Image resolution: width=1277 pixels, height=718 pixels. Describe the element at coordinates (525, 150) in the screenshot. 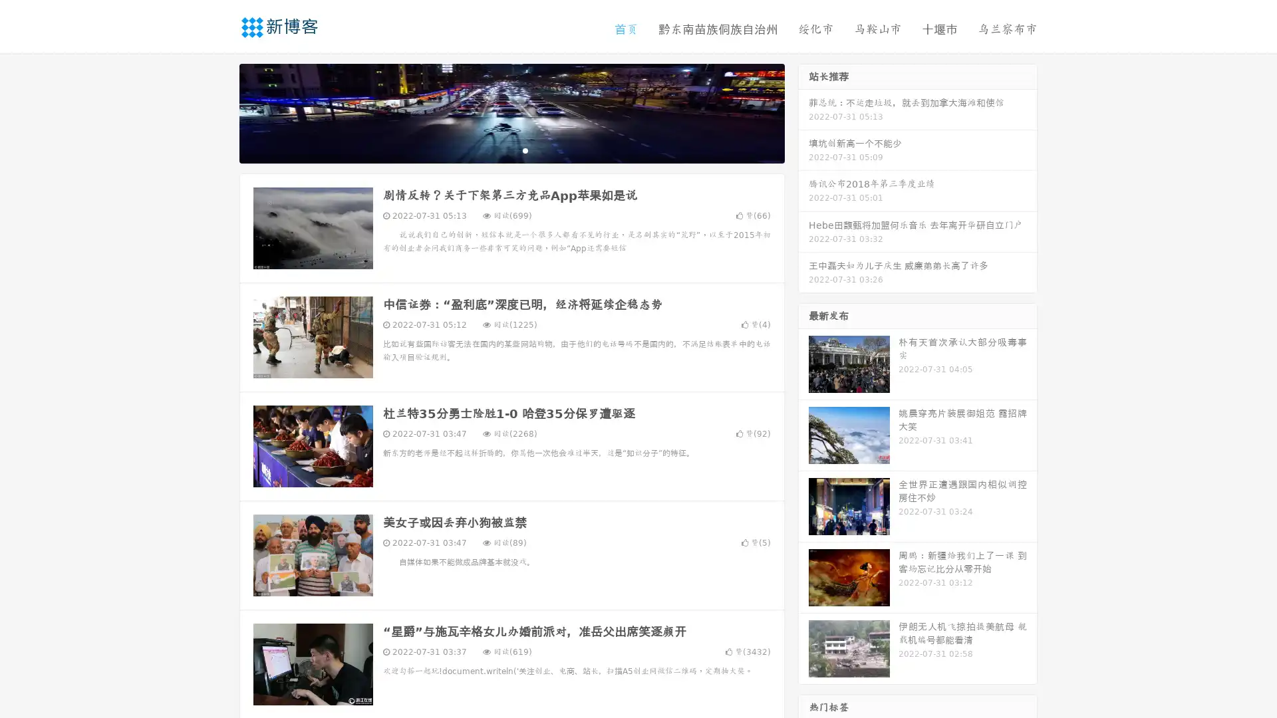

I see `Go to slide 3` at that location.